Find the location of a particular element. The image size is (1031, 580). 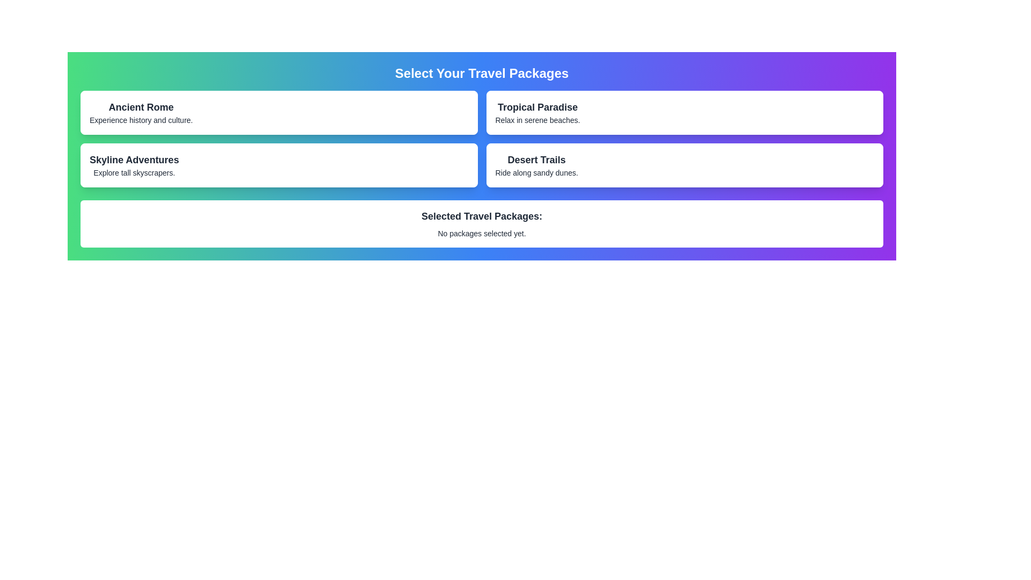

status indicator text label that informs the user that no travel packages have been selected yet, located beneath the 'Selected Travel Packages:' heading is located at coordinates (481, 233).